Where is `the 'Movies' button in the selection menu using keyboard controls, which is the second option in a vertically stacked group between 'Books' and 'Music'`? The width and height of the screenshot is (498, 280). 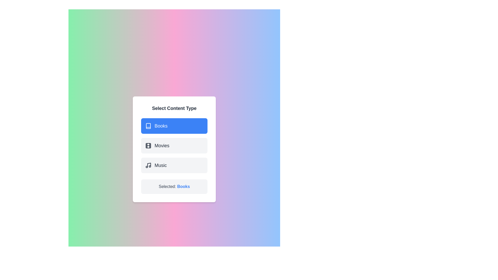
the 'Movies' button in the selection menu using keyboard controls, which is the second option in a vertically stacked group between 'Books' and 'Music' is located at coordinates (174, 149).